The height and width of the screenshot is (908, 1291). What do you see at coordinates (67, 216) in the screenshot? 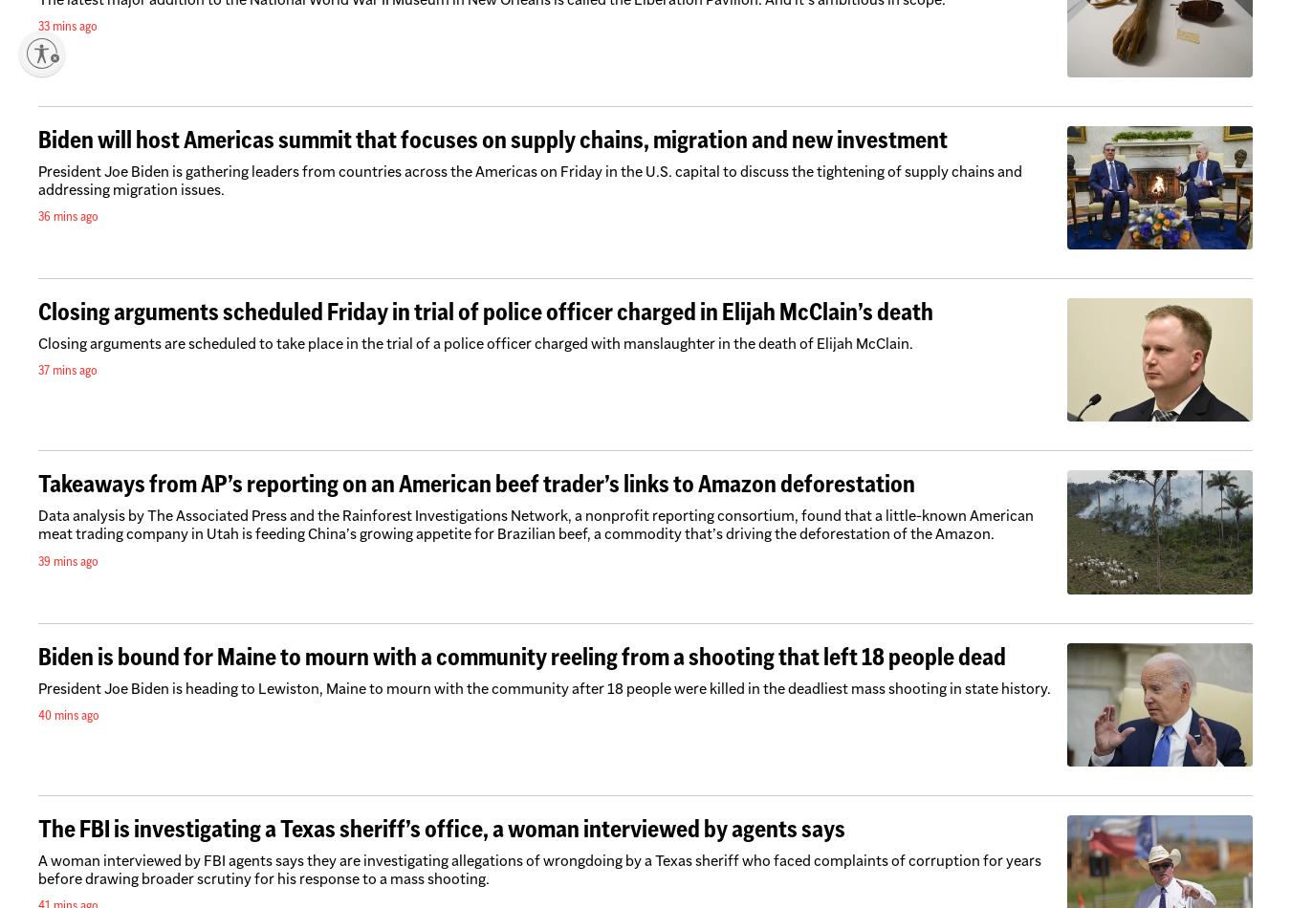
I see `'36 mins ago'` at bounding box center [67, 216].